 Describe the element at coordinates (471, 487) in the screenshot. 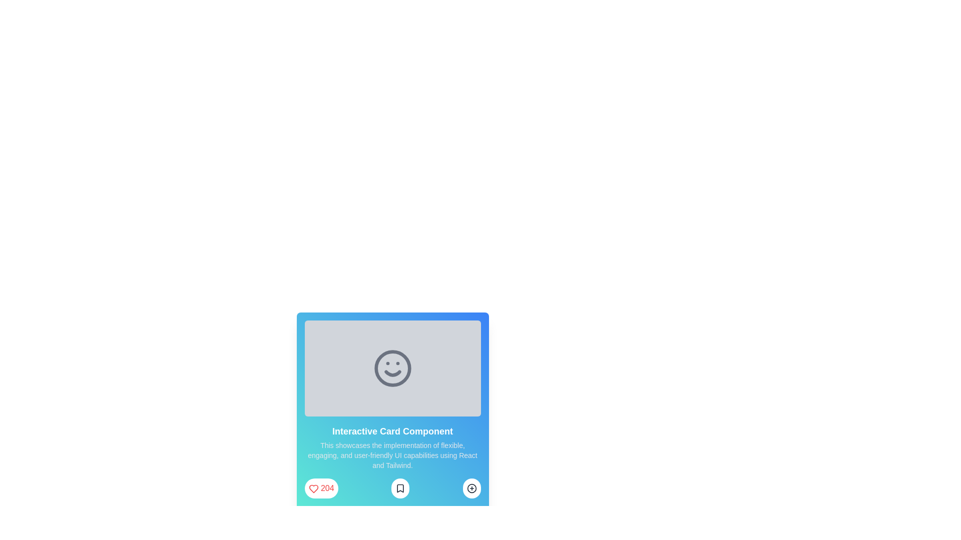

I see `the SVG circle component that serves as the outer boundary for the 'plus' icon located at the bottom-right corner of the interface` at that location.